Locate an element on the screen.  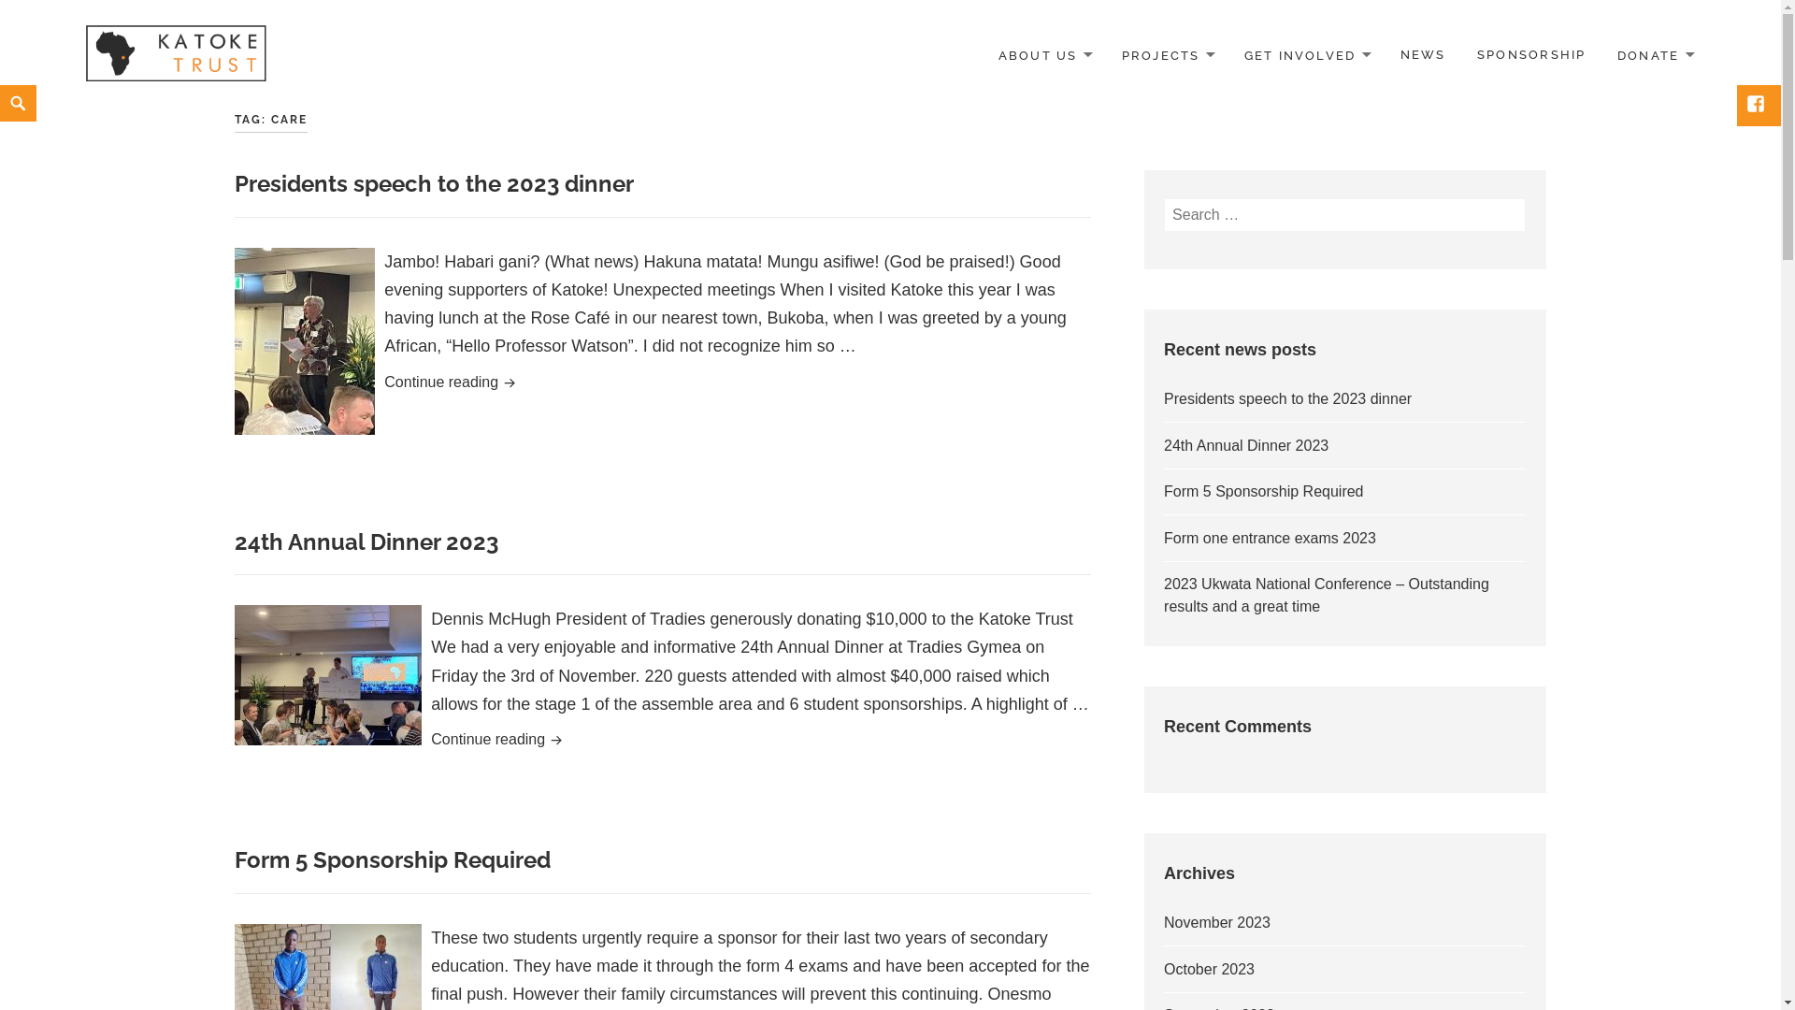
'Facebook' is located at coordinates (1740, 105).